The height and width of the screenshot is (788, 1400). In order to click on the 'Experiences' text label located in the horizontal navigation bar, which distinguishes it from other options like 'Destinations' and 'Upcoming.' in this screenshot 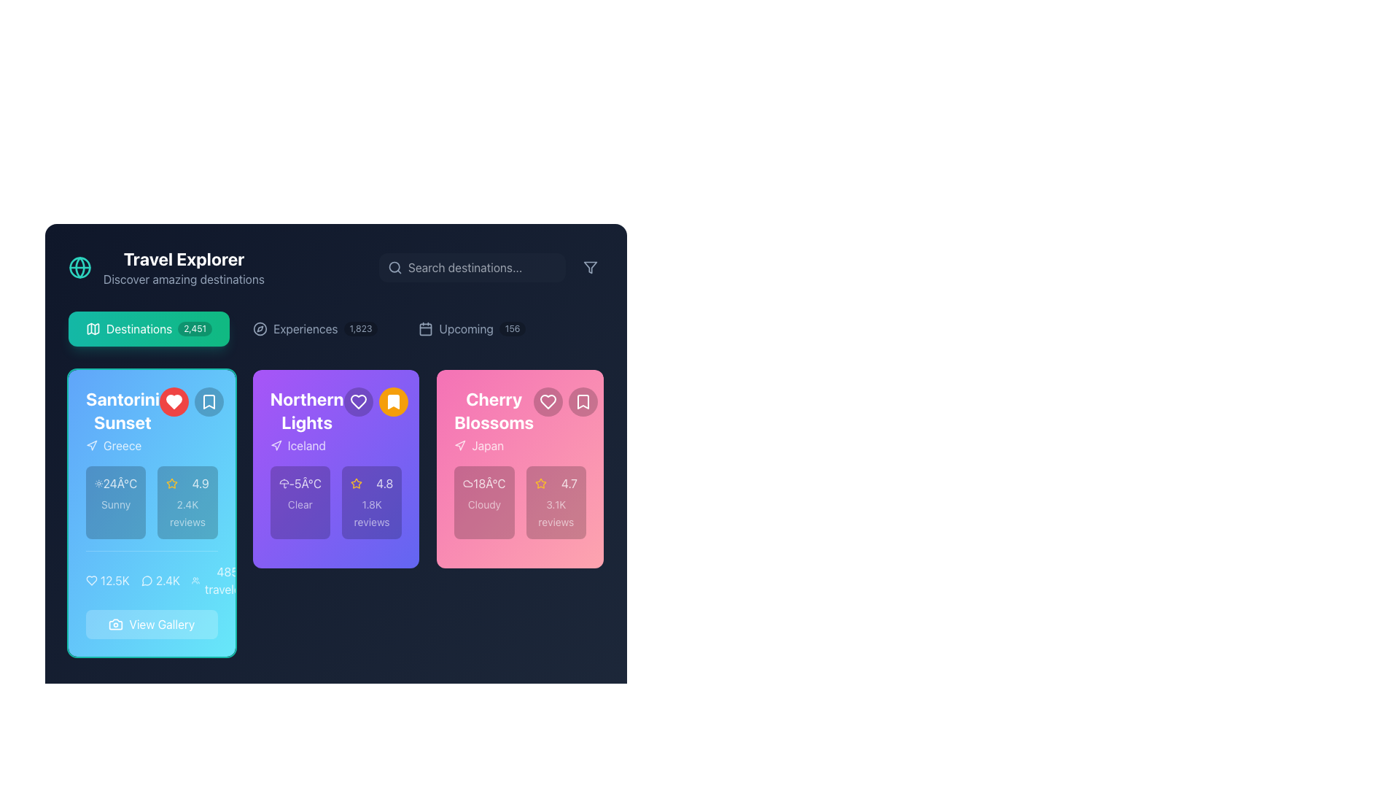, I will do `click(305, 329)`.